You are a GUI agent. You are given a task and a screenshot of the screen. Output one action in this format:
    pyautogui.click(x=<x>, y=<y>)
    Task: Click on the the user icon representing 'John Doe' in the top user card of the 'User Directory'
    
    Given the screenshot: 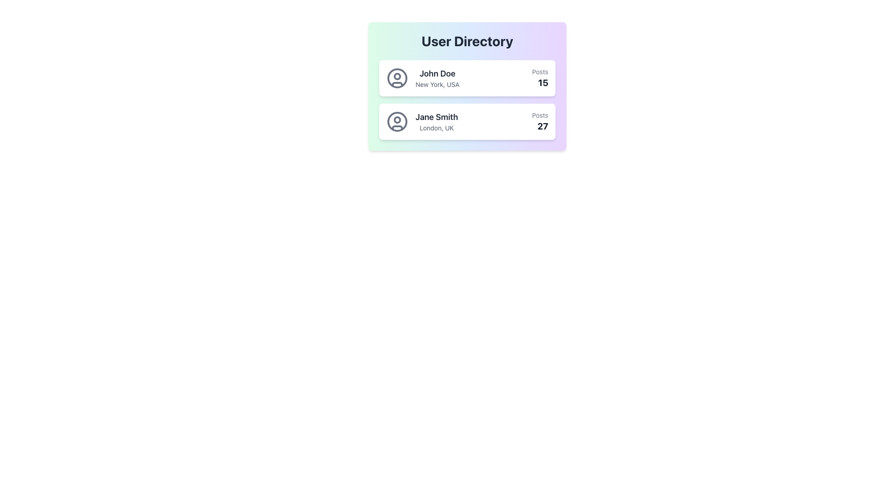 What is the action you would take?
    pyautogui.click(x=397, y=78)
    